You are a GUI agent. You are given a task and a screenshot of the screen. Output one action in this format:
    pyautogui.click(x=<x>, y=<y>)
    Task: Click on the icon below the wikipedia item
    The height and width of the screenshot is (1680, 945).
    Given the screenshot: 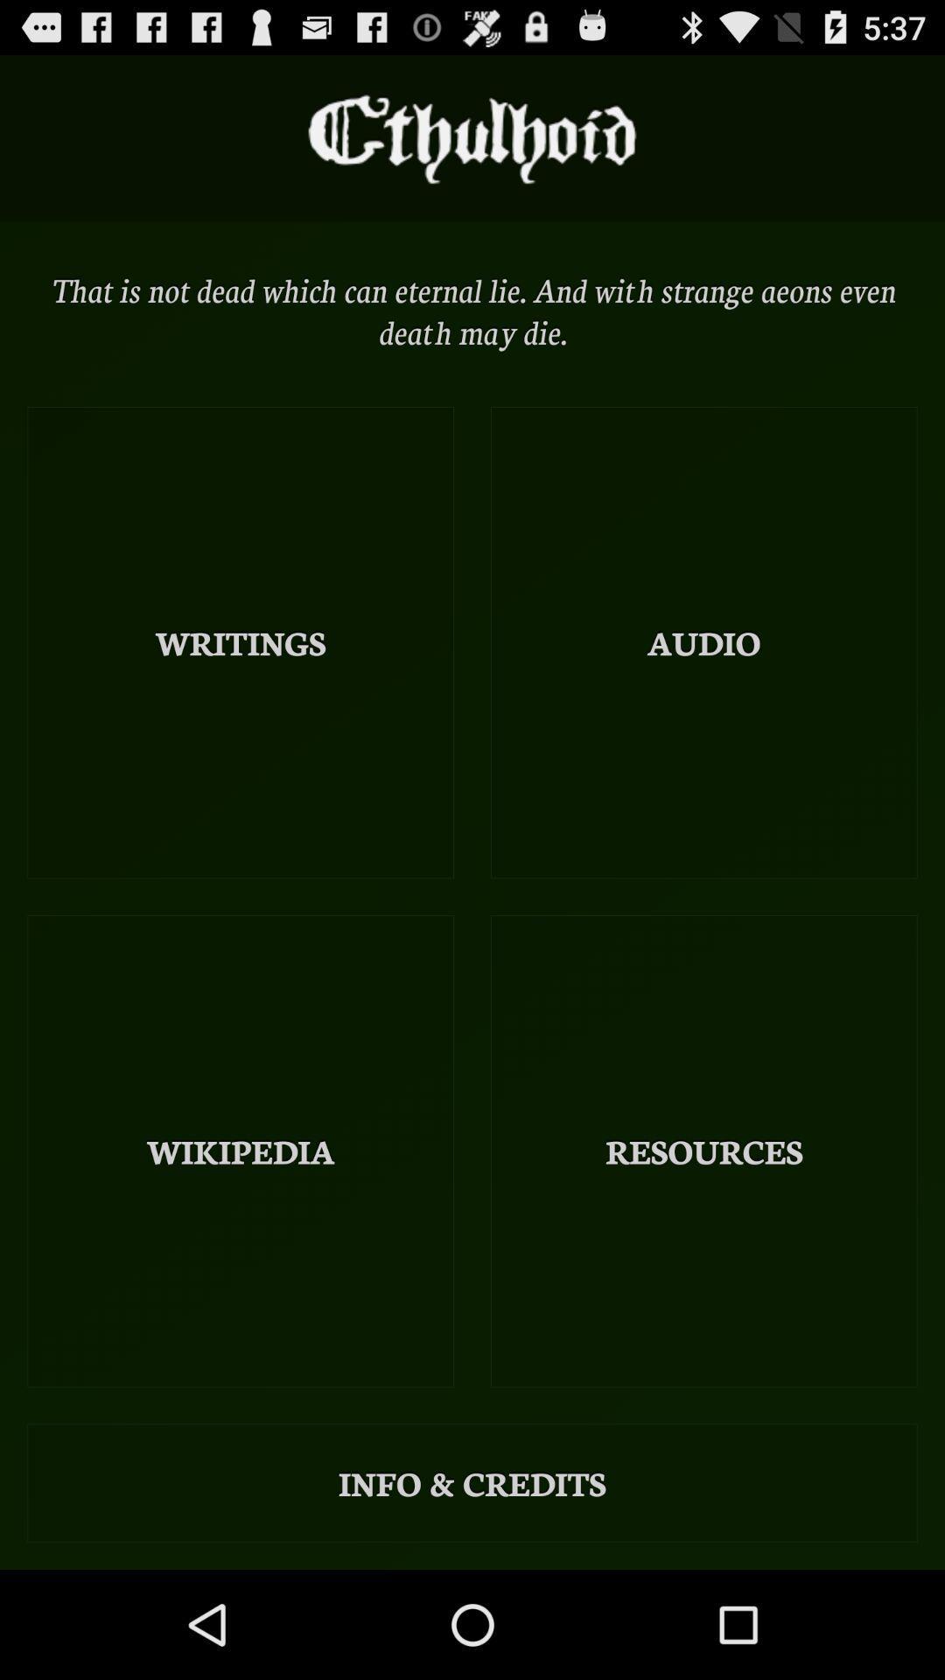 What is the action you would take?
    pyautogui.click(x=472, y=1481)
    